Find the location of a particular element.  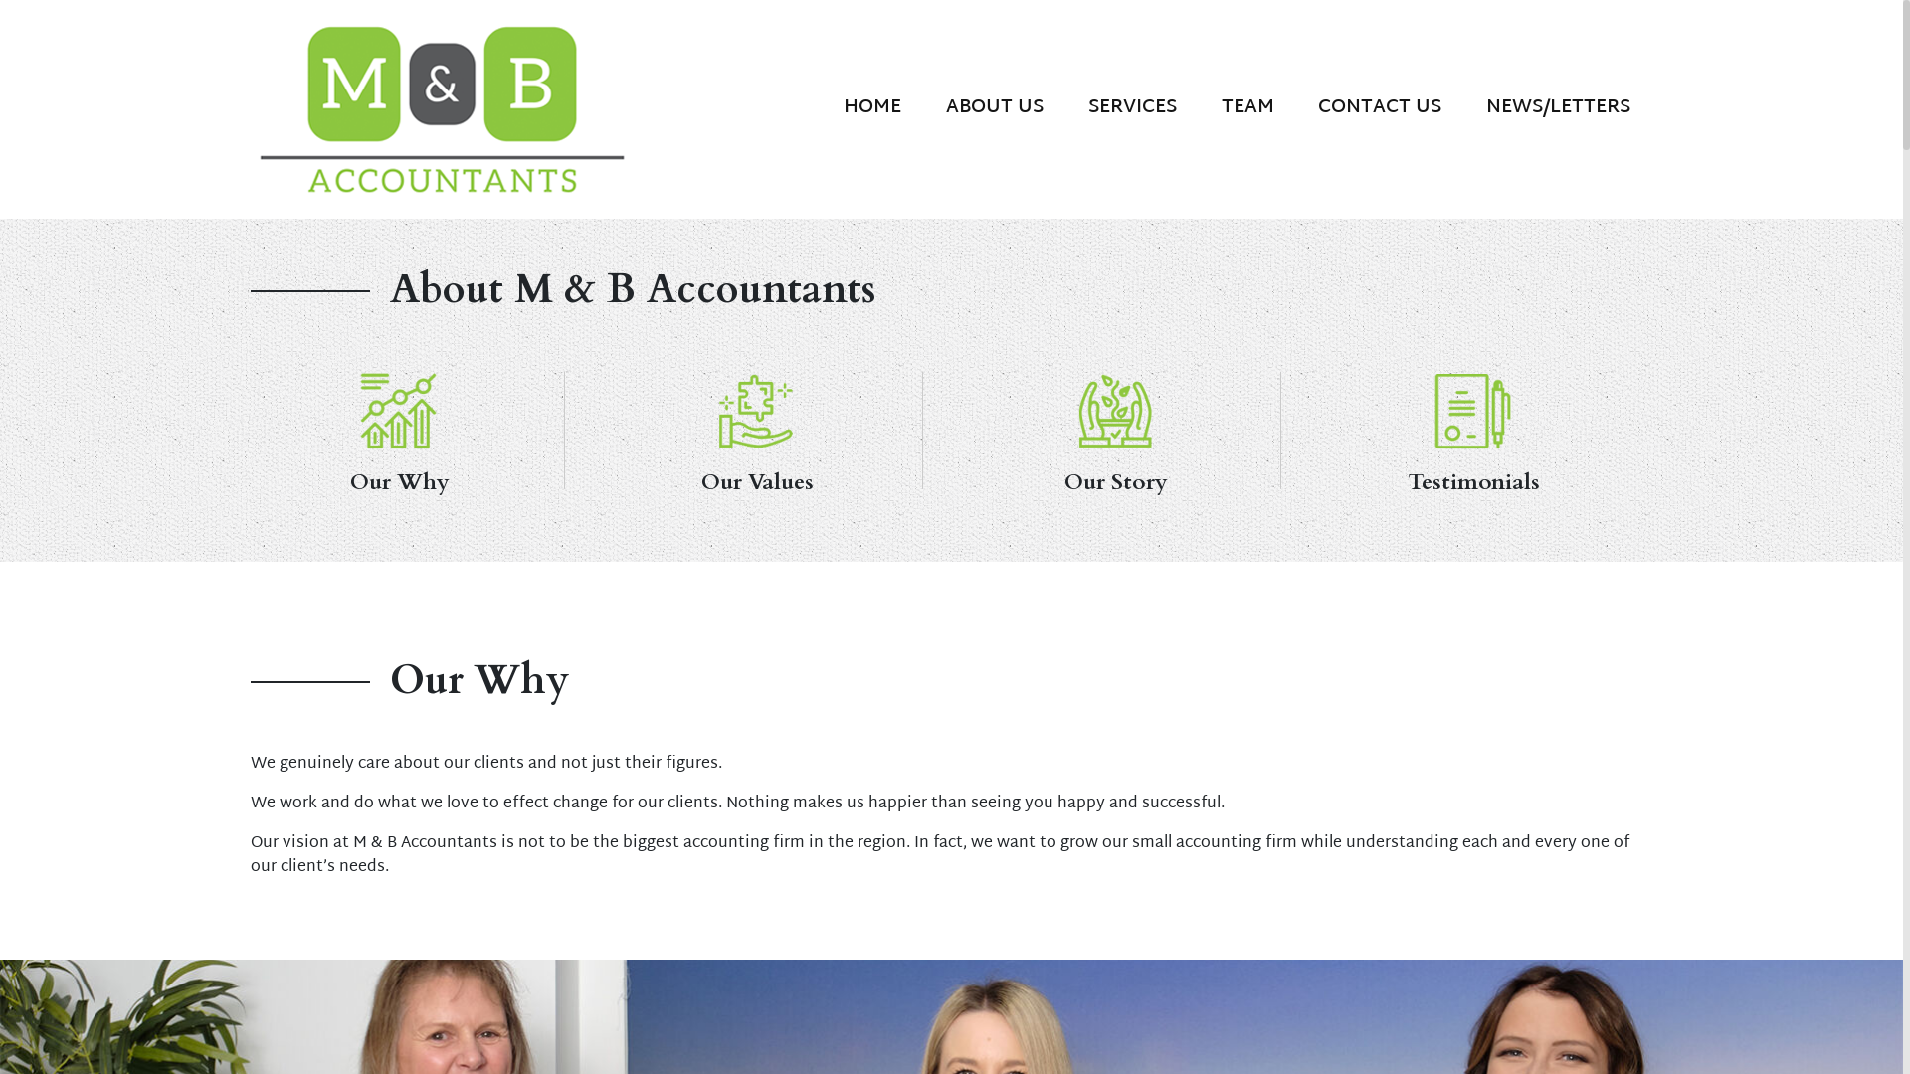

'Testimonials' is located at coordinates (1308, 429).